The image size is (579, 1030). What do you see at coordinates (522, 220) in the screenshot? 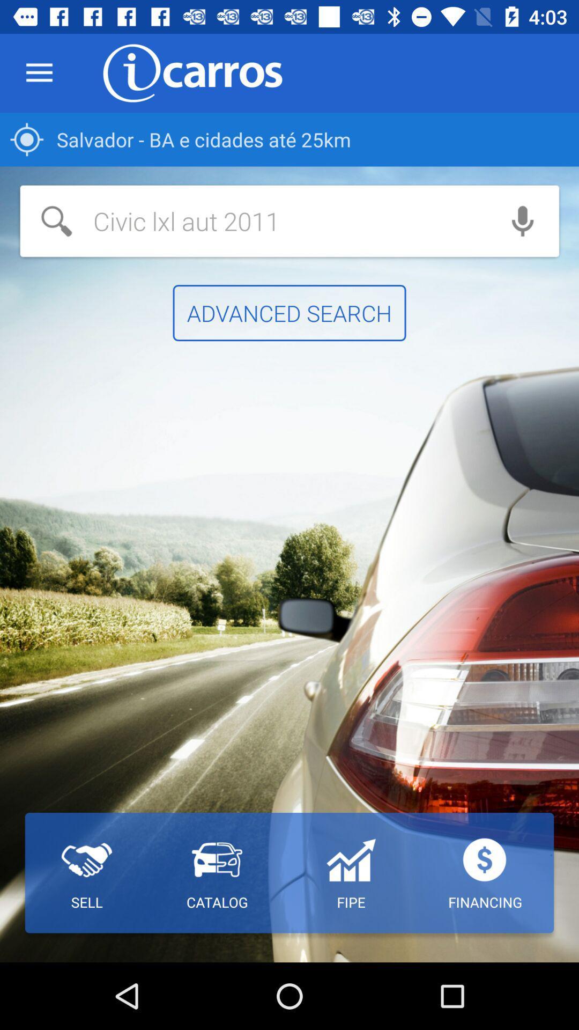
I see `the microphone icon` at bounding box center [522, 220].